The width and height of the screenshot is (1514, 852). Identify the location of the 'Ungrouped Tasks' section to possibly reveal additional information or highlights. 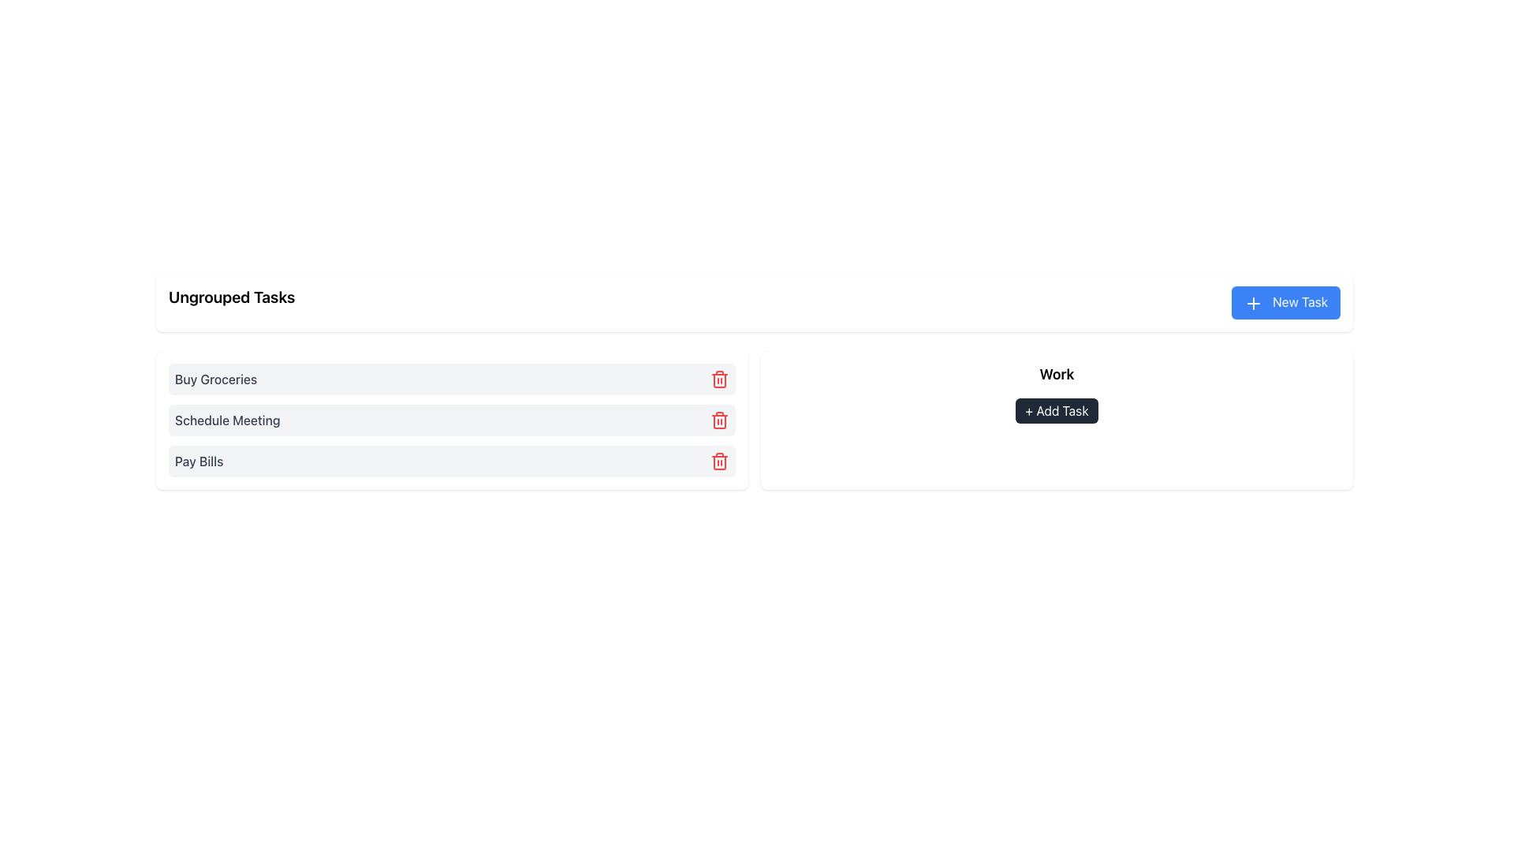
(451, 419).